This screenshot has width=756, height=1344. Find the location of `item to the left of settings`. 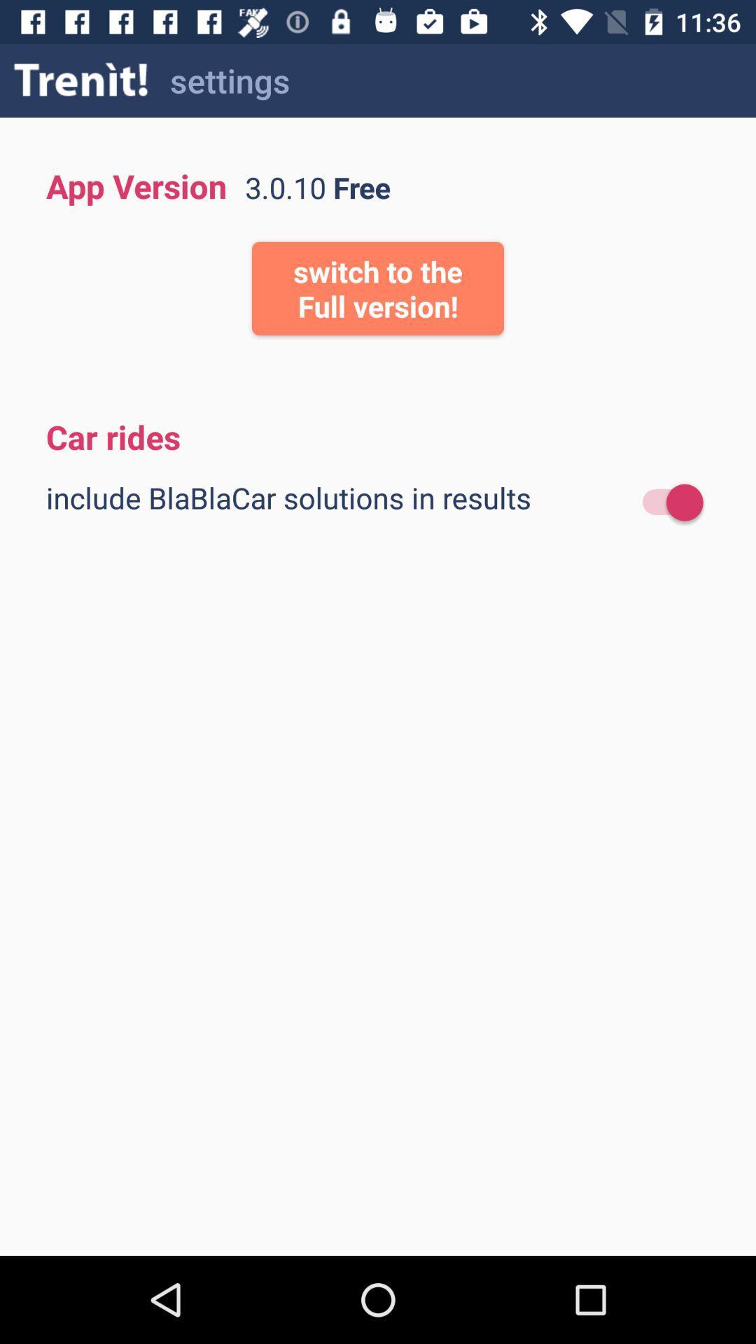

item to the left of settings is located at coordinates (81, 80).